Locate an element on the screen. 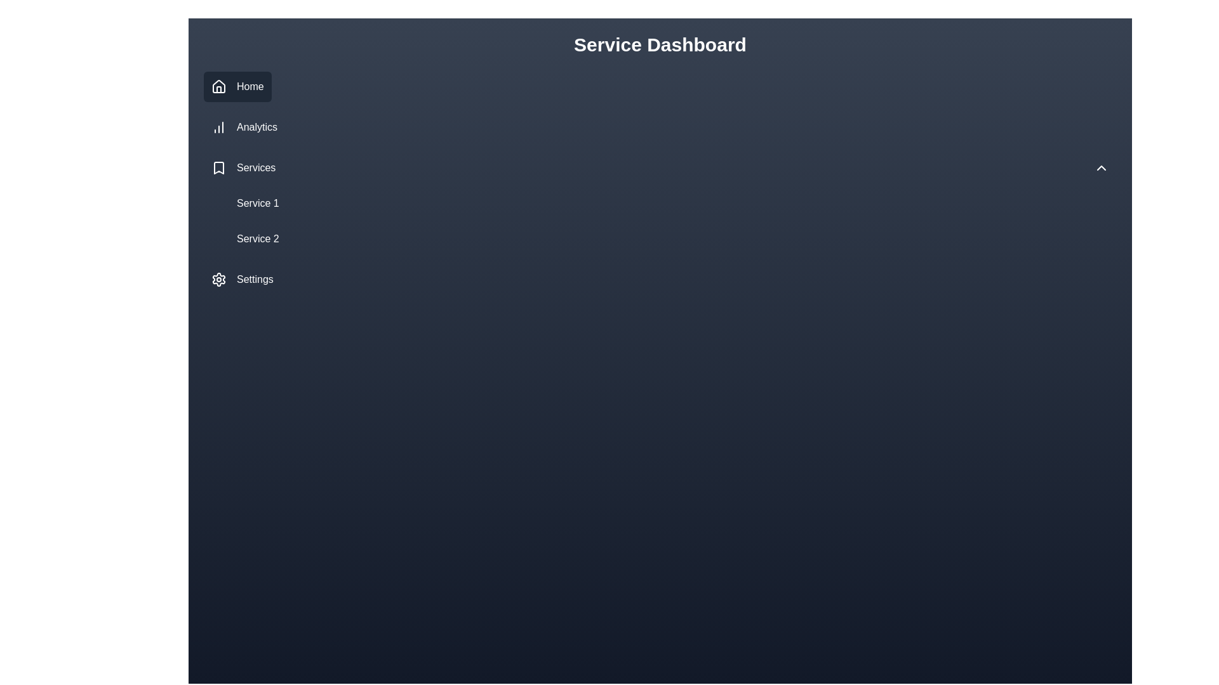 This screenshot has height=685, width=1219. the 'Analytics' icon located in the left sidebar menu, directly to the left of the text label 'Analytics' is located at coordinates (219, 127).